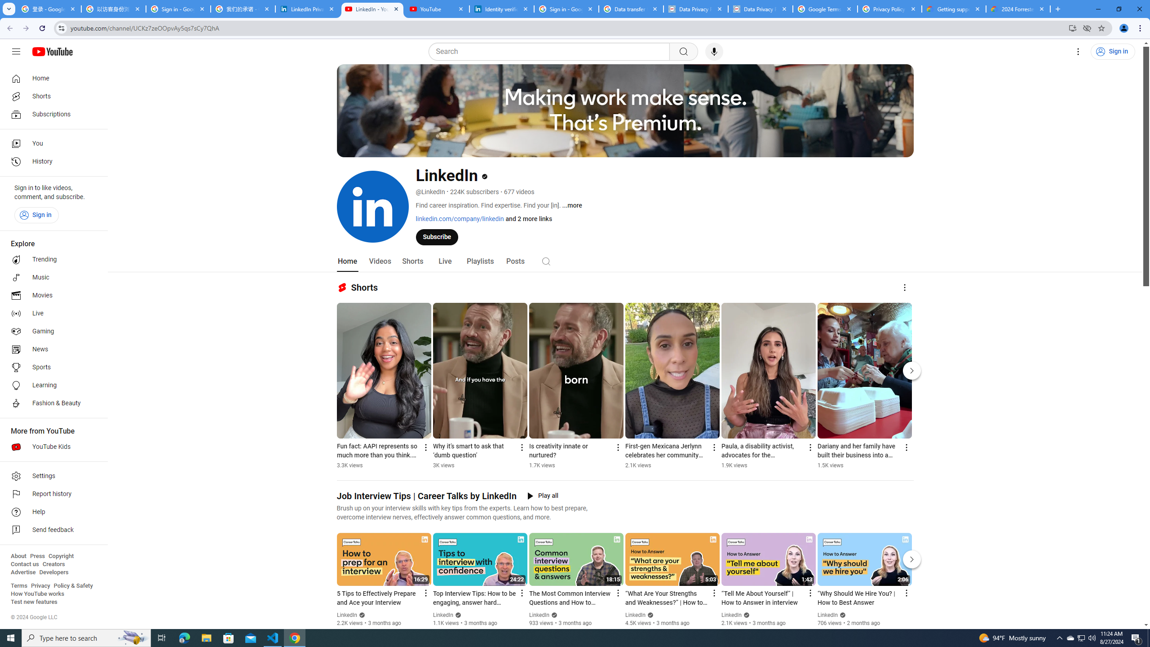  Describe the element at coordinates (53, 572) in the screenshot. I see `'Developers'` at that location.